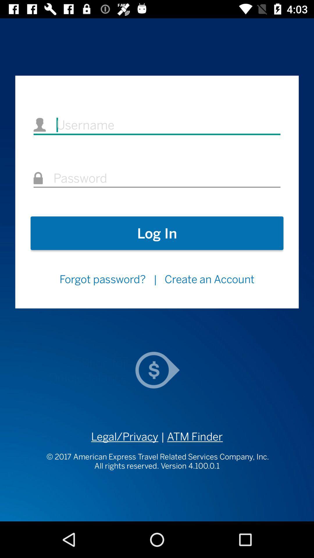 The image size is (314, 558). Describe the element at coordinates (157, 178) in the screenshot. I see `type in password` at that location.